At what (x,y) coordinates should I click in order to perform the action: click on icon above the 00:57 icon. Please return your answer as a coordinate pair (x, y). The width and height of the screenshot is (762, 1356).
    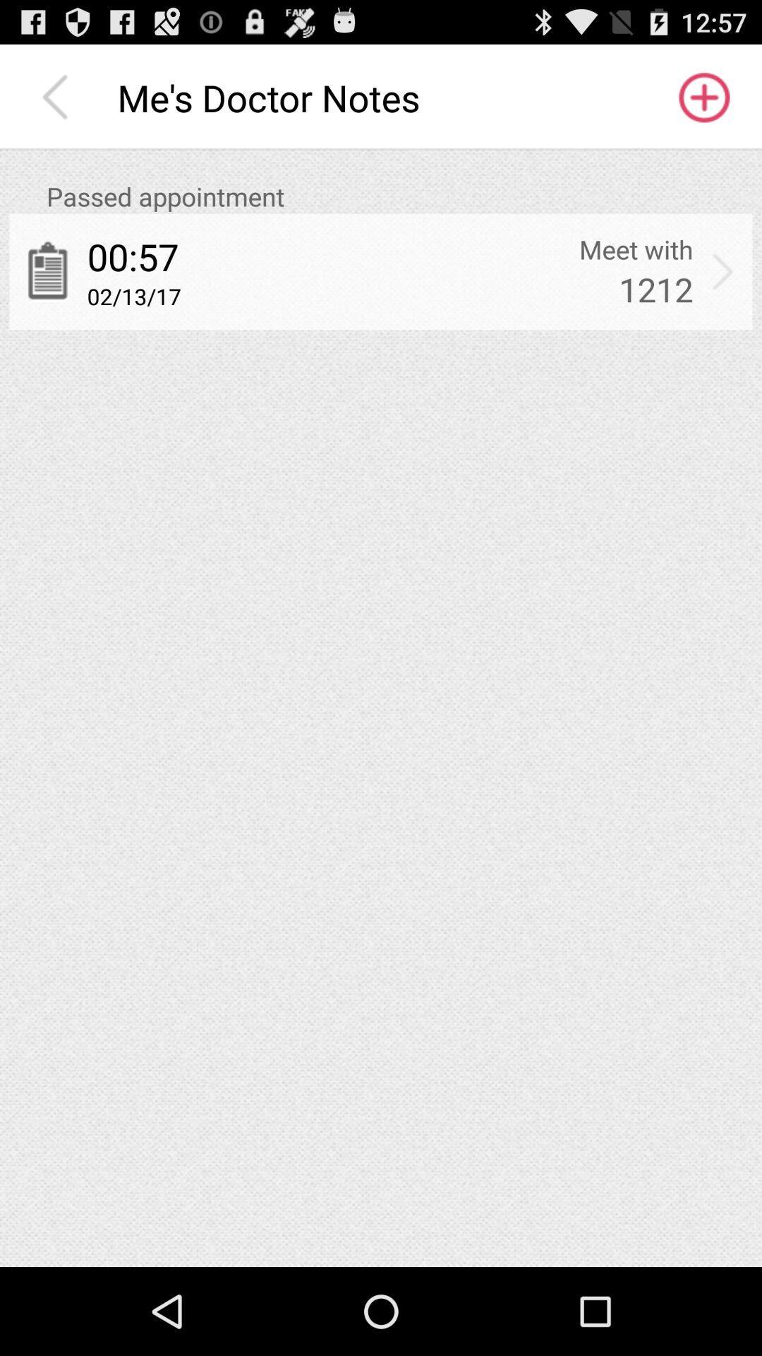
    Looking at the image, I should click on (399, 196).